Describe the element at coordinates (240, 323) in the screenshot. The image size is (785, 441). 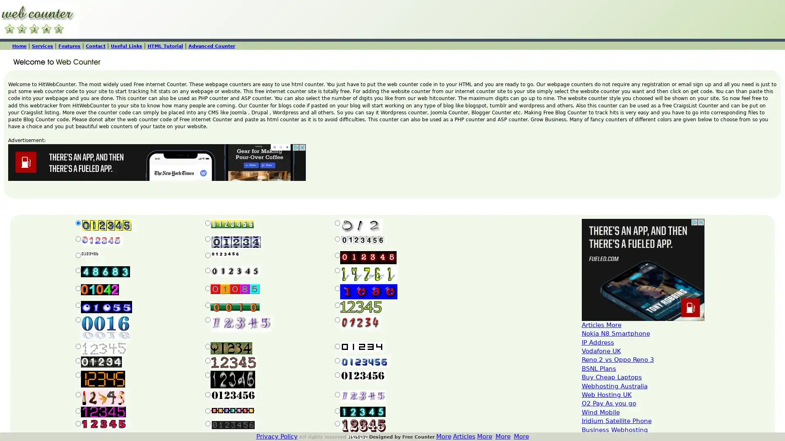
I see `Submit` at that location.